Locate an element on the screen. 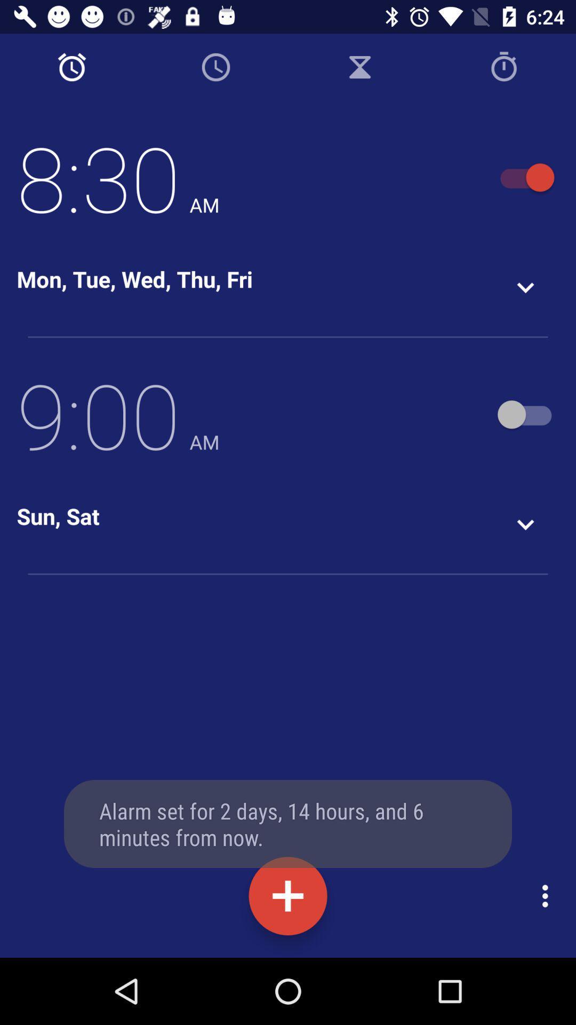 This screenshot has width=576, height=1025. the add icon is located at coordinates (288, 896).